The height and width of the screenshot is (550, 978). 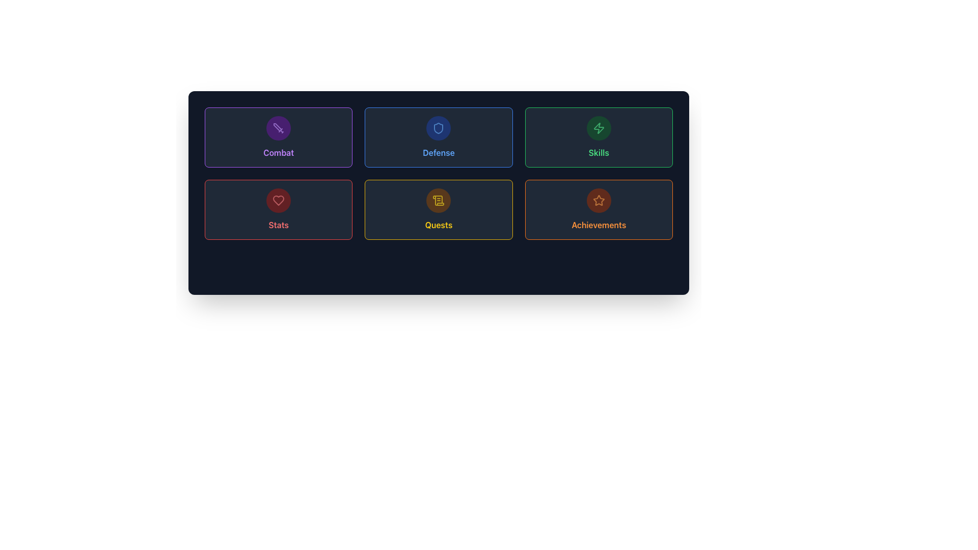 I want to click on the 'Stats' button, which is a rectangular section with a dark background, red border, and a heart symbol icon, located in the second row, first column of the grid layout, so click(x=279, y=209).